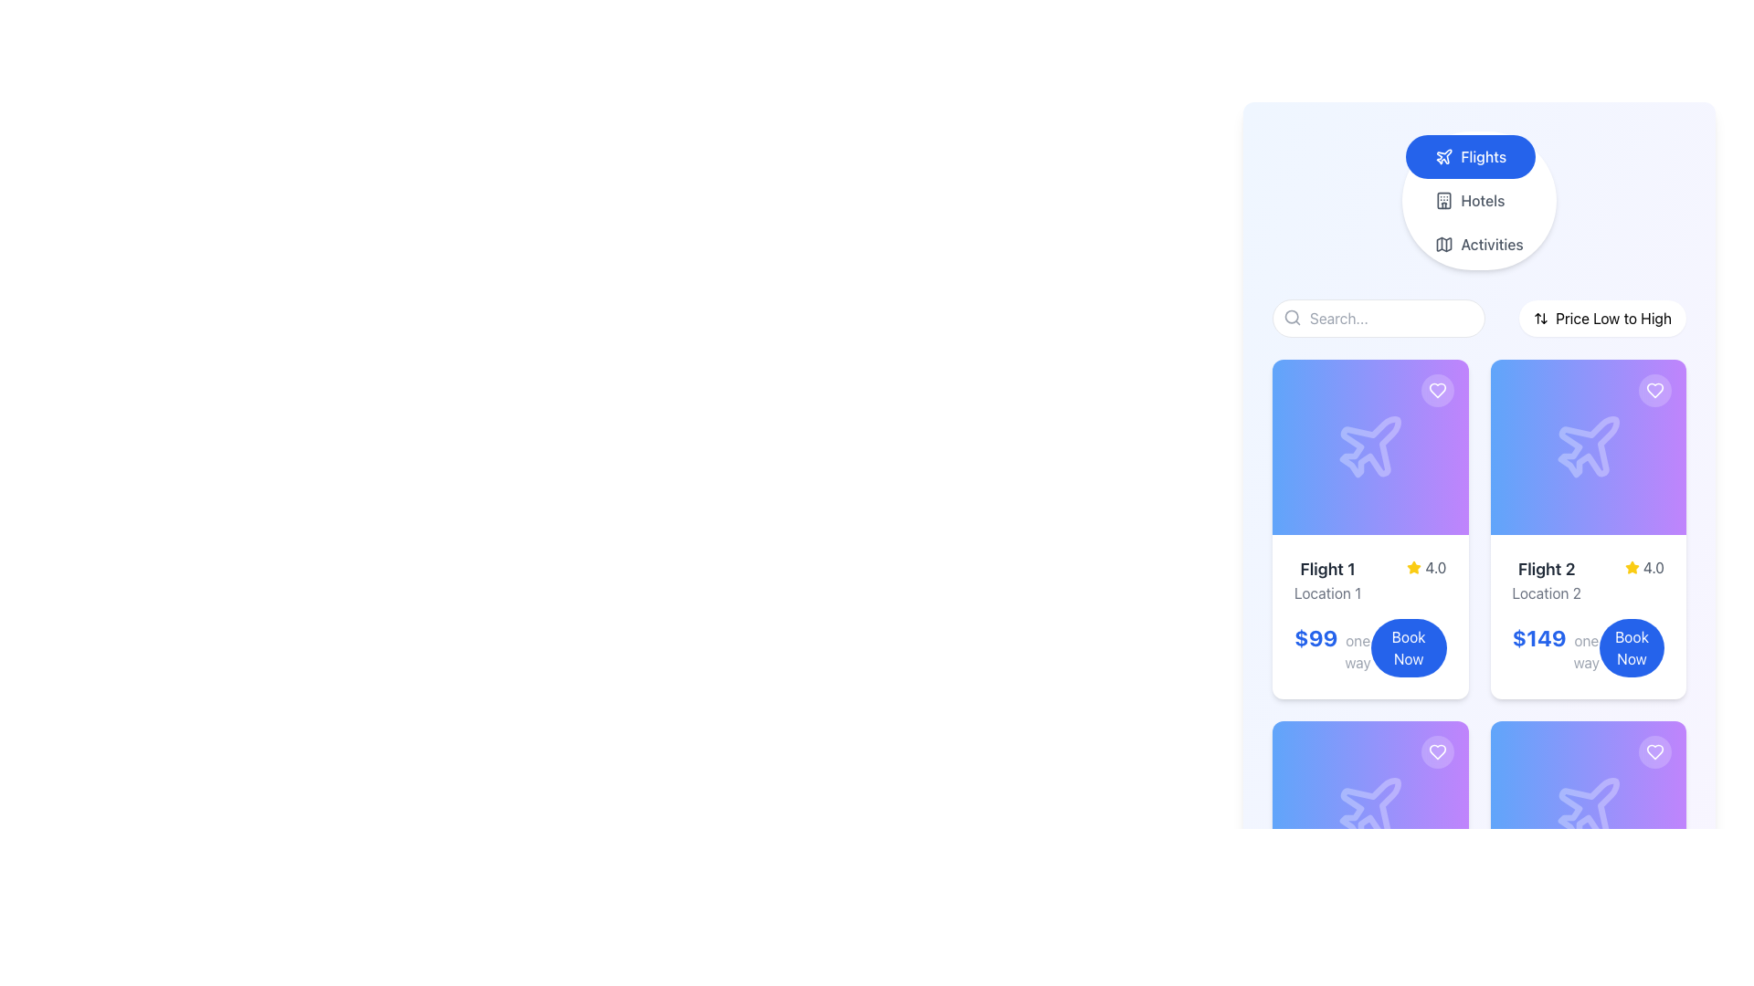  I want to click on the 'Price Low to High' text label, which is styled in black on a white background and located on the right side of the page, so click(1613, 317).